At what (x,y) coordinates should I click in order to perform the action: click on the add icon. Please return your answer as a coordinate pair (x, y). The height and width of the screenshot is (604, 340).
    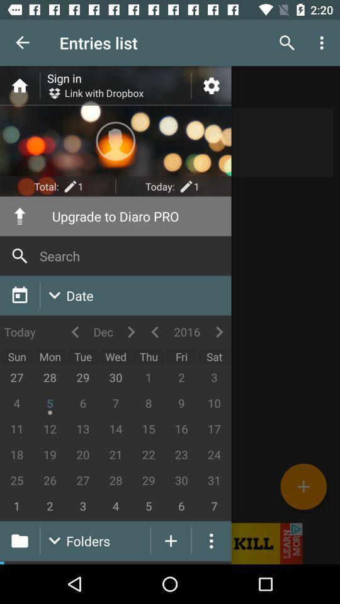
    Looking at the image, I should click on (303, 486).